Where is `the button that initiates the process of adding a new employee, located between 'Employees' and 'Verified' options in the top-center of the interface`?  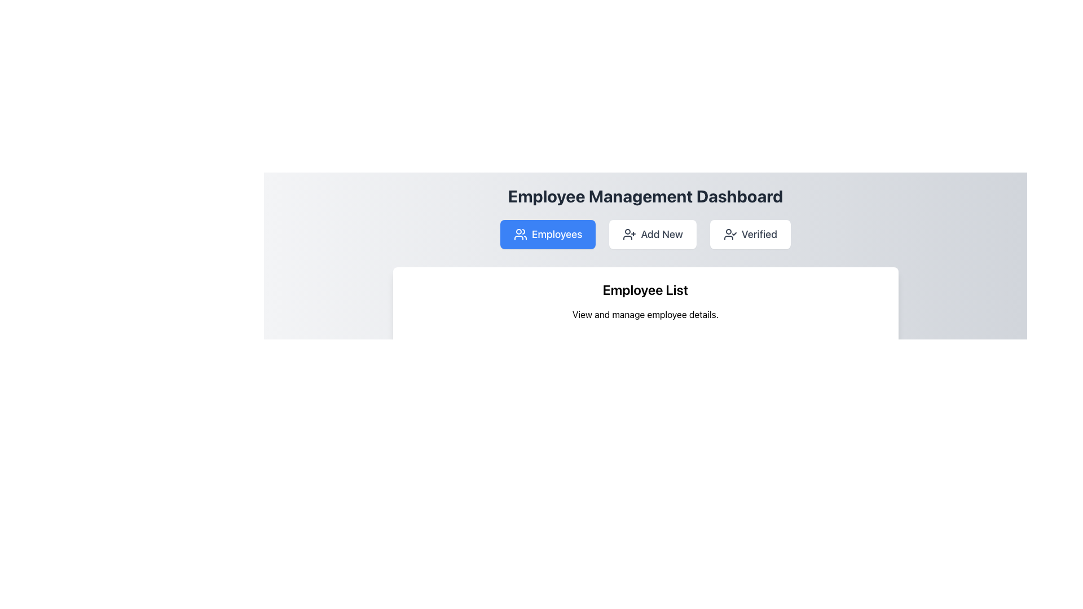
the button that initiates the process of adding a new employee, located between 'Employees' and 'Verified' options in the top-center of the interface is located at coordinates (653, 234).